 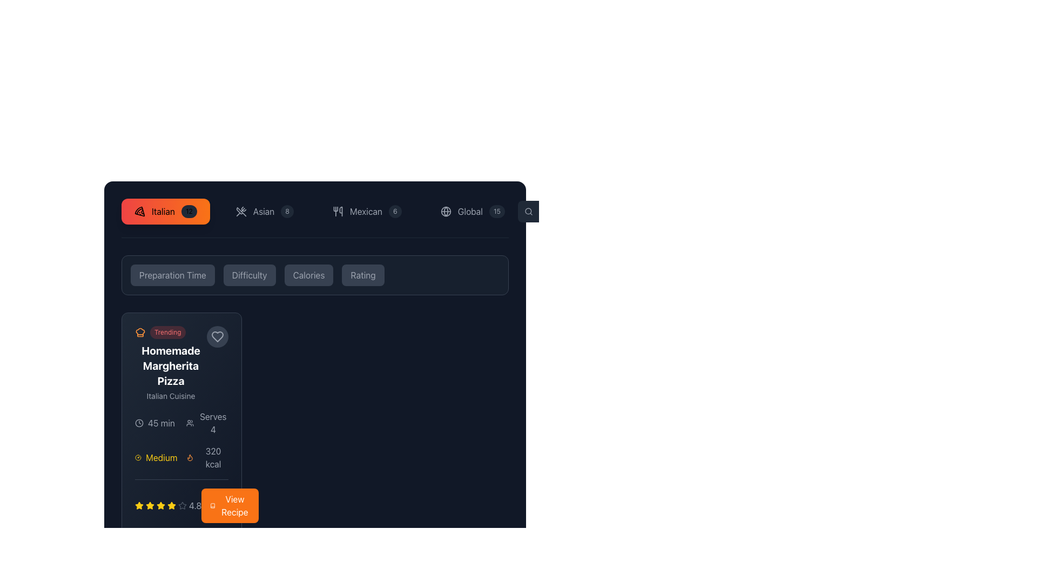 What do you see at coordinates (190, 422) in the screenshot?
I see `the SVG icon representing a group of people located to the left of the text 'Serves 4'` at bounding box center [190, 422].